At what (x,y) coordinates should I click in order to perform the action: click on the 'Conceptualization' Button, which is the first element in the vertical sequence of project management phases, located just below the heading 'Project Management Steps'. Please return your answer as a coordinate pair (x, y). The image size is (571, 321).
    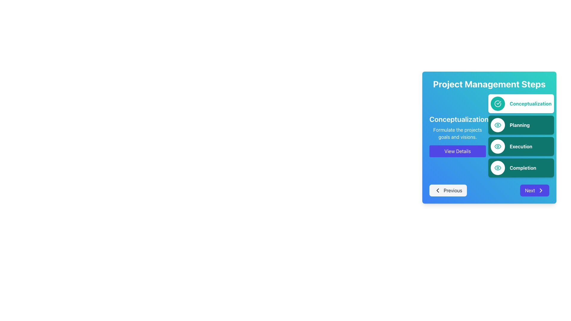
    Looking at the image, I should click on (521, 103).